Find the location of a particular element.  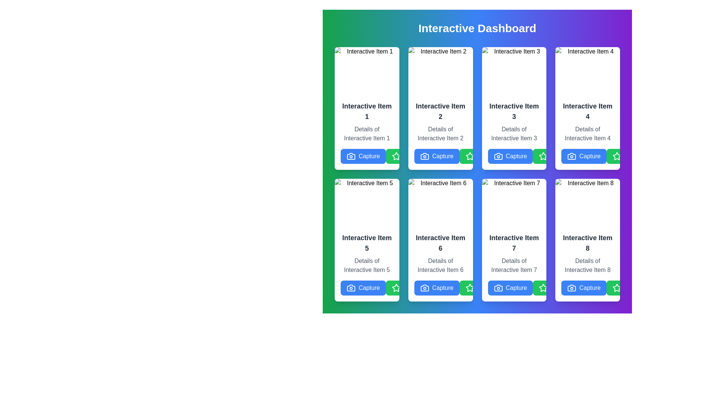

the heart icon located in the lower-right corner of the 'Interactive Item 3' card in the dashboard grid is located at coordinates (515, 156).